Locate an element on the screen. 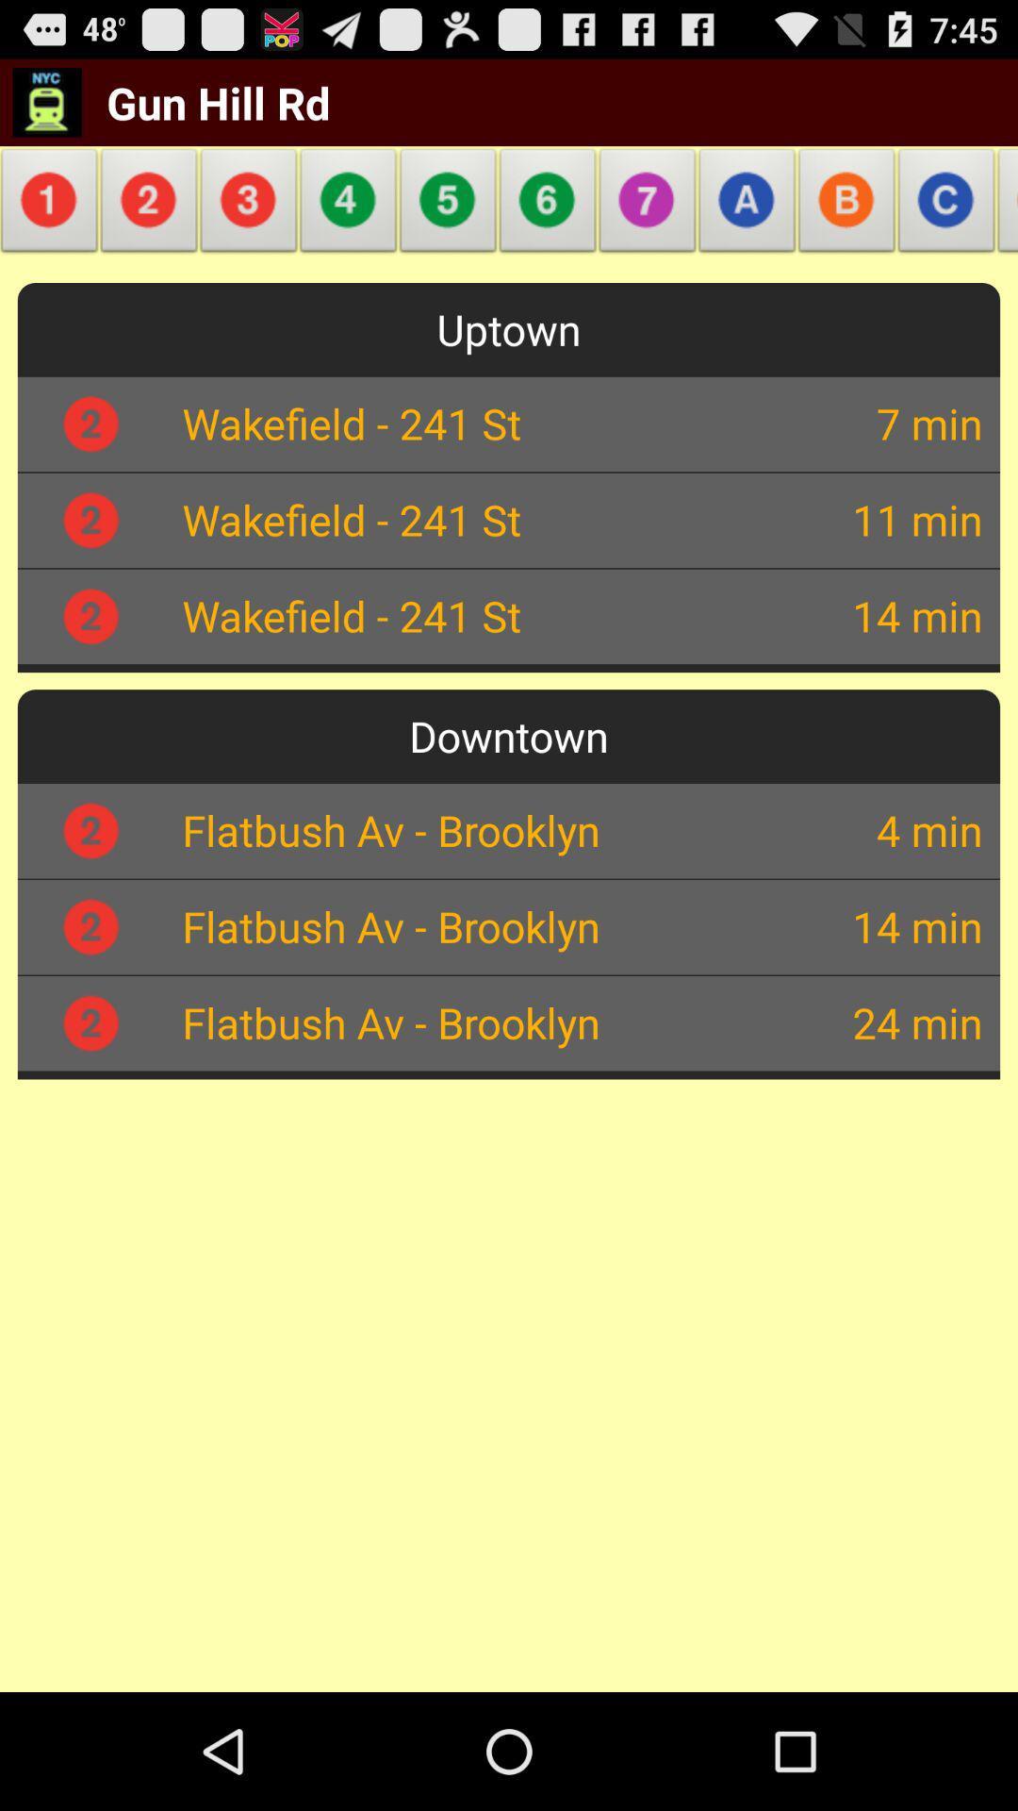 The width and height of the screenshot is (1018, 1811). the icon above uptown icon is located at coordinates (349, 206).